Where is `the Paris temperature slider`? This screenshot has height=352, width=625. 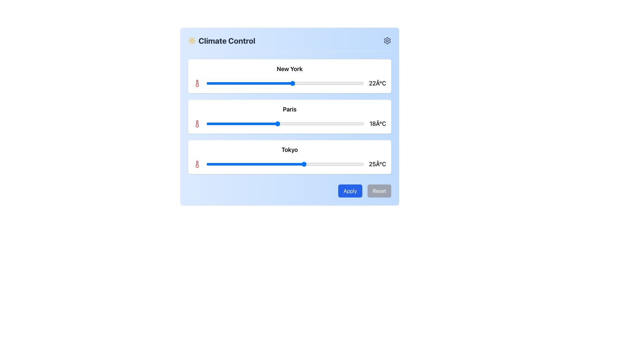 the Paris temperature slider is located at coordinates (337, 124).